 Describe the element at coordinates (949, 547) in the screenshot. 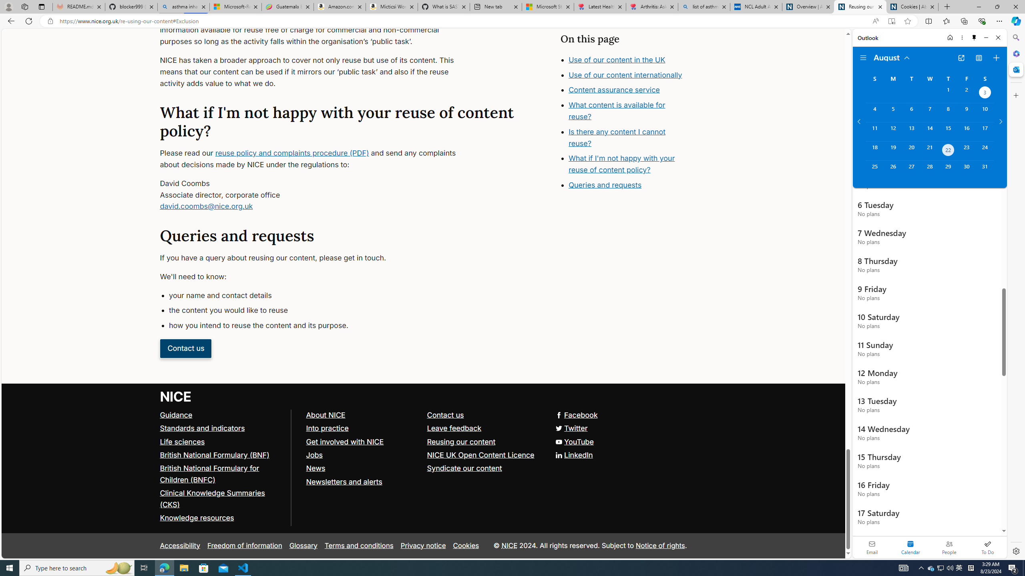

I see `'People'` at that location.